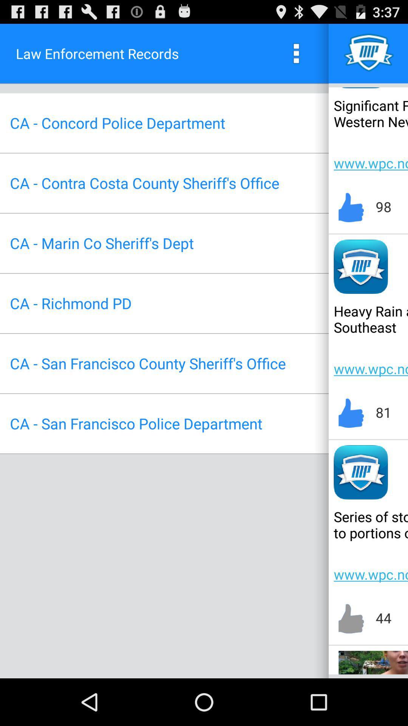 The height and width of the screenshot is (726, 408). Describe the element at coordinates (144, 183) in the screenshot. I see `the app to the left of www wpc ncep icon` at that location.